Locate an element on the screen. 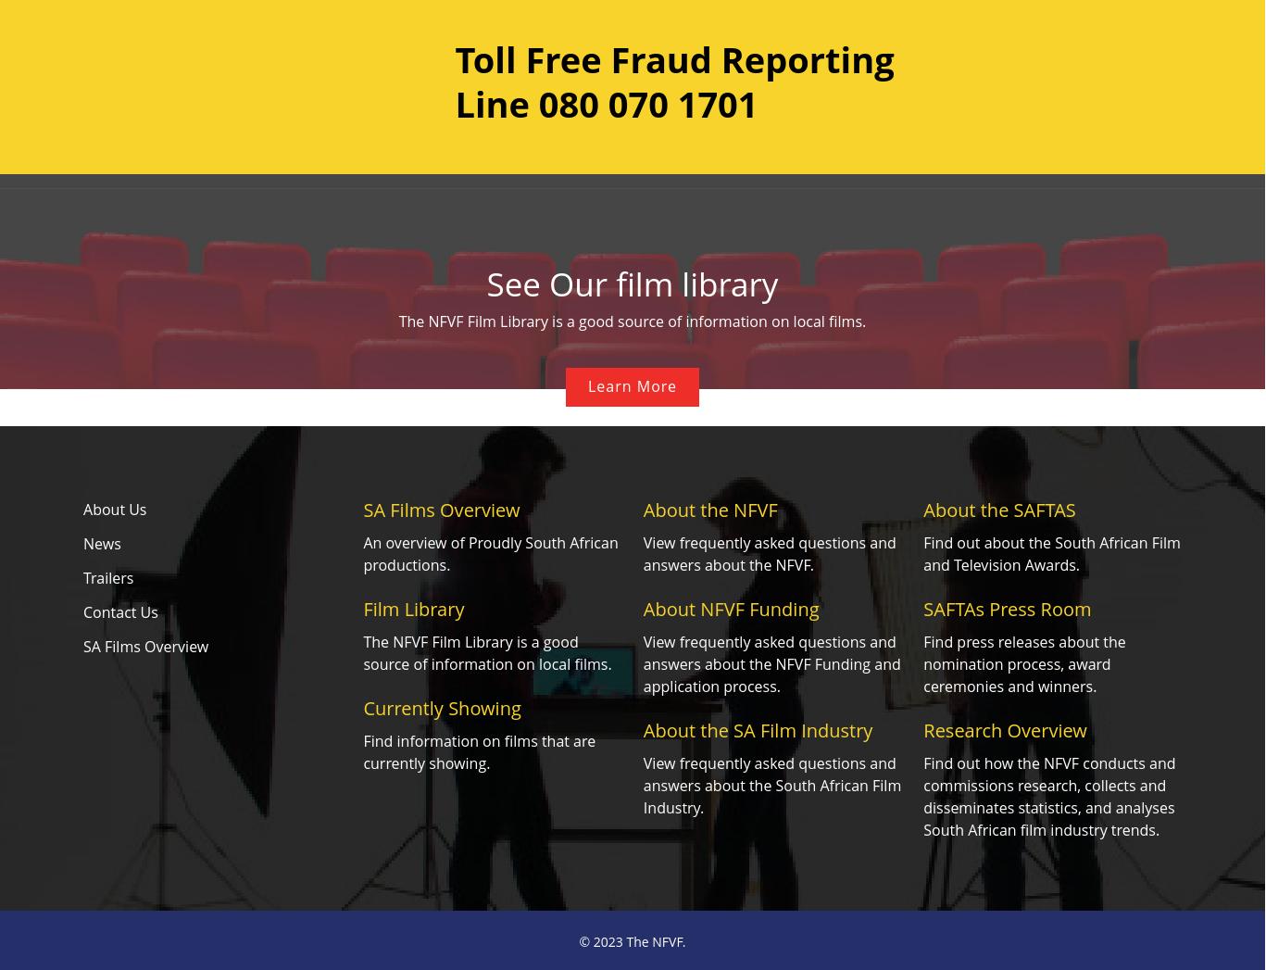 The image size is (1266, 970). 'Research Overview' is located at coordinates (1003, 729).